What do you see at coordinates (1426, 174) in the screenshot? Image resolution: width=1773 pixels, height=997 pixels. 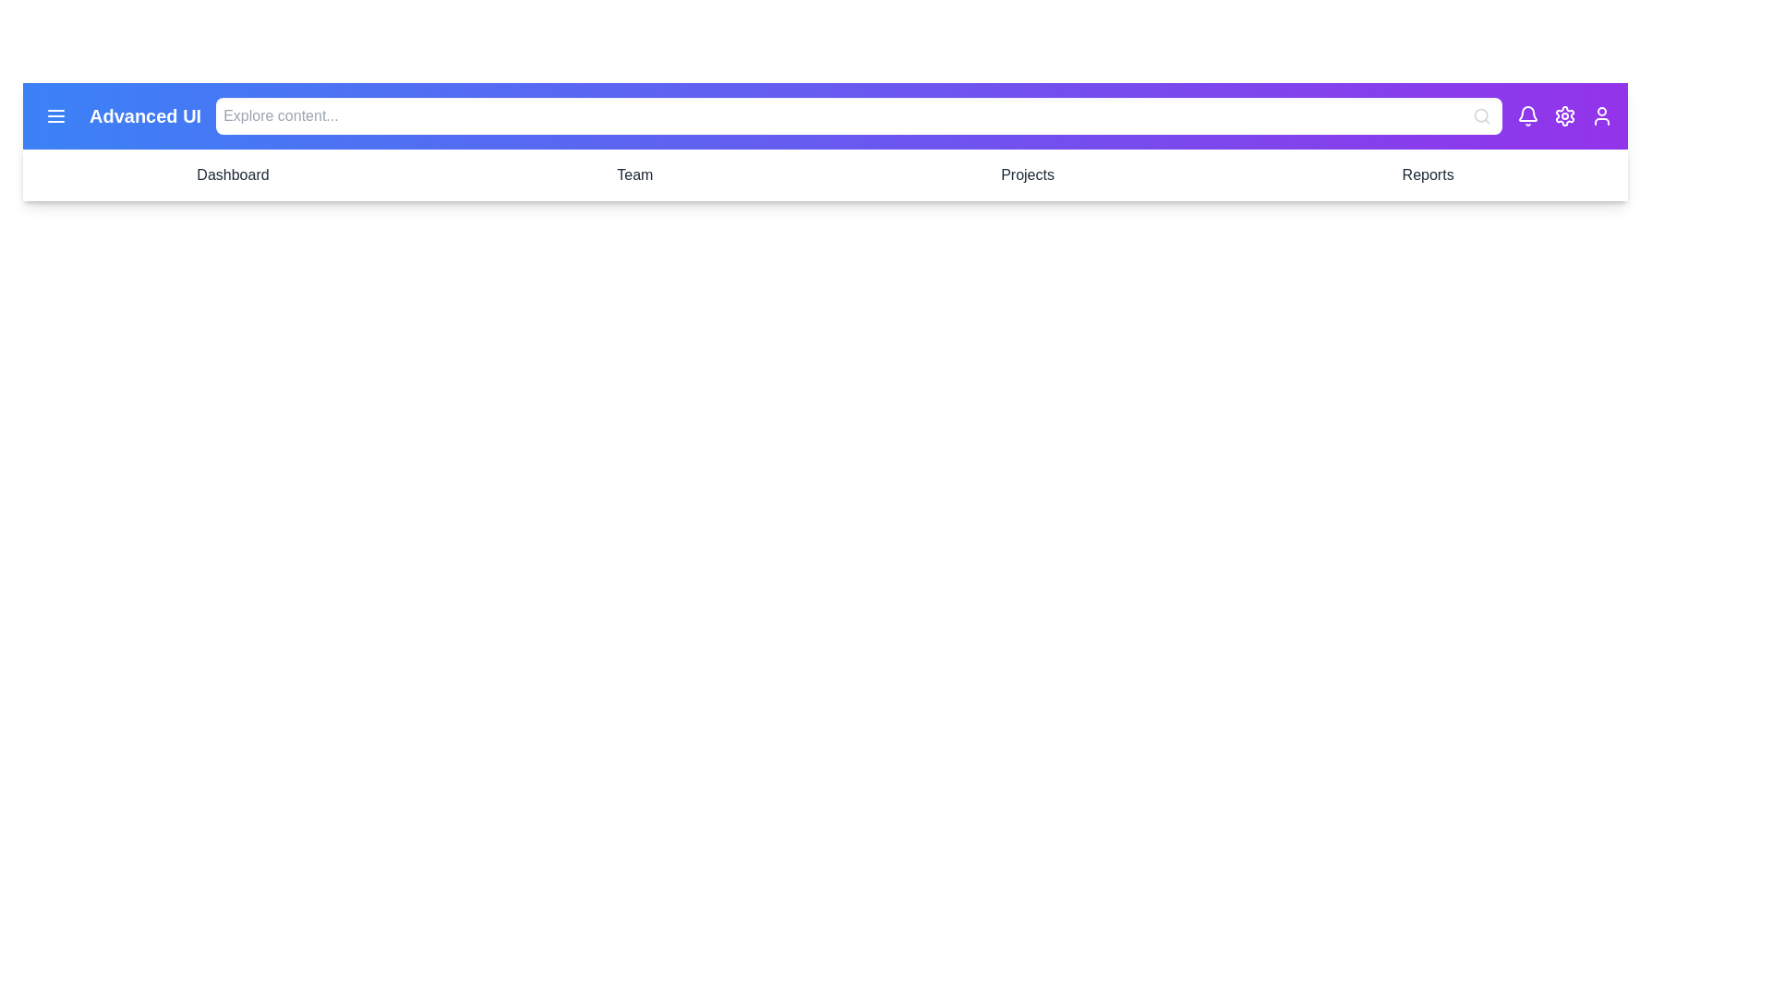 I see `the Reports tab to navigate to the corresponding section` at bounding box center [1426, 174].